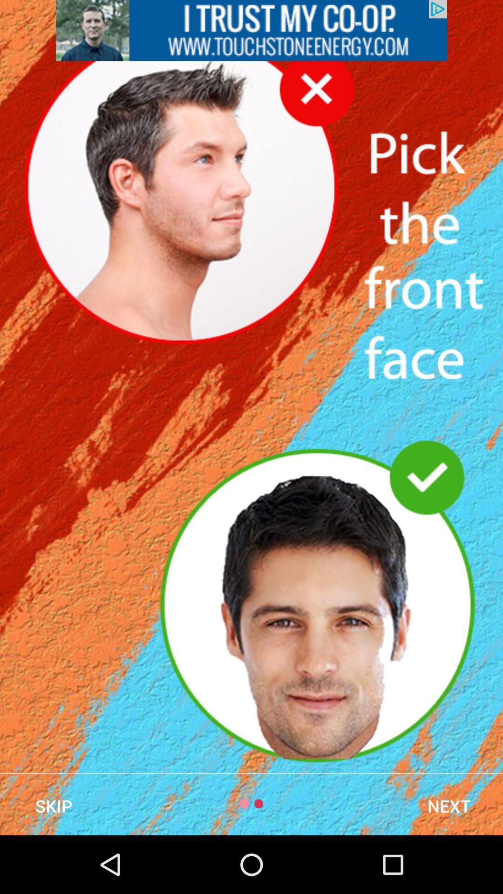 The width and height of the screenshot is (503, 894). I want to click on advertisement page, so click(251, 30).